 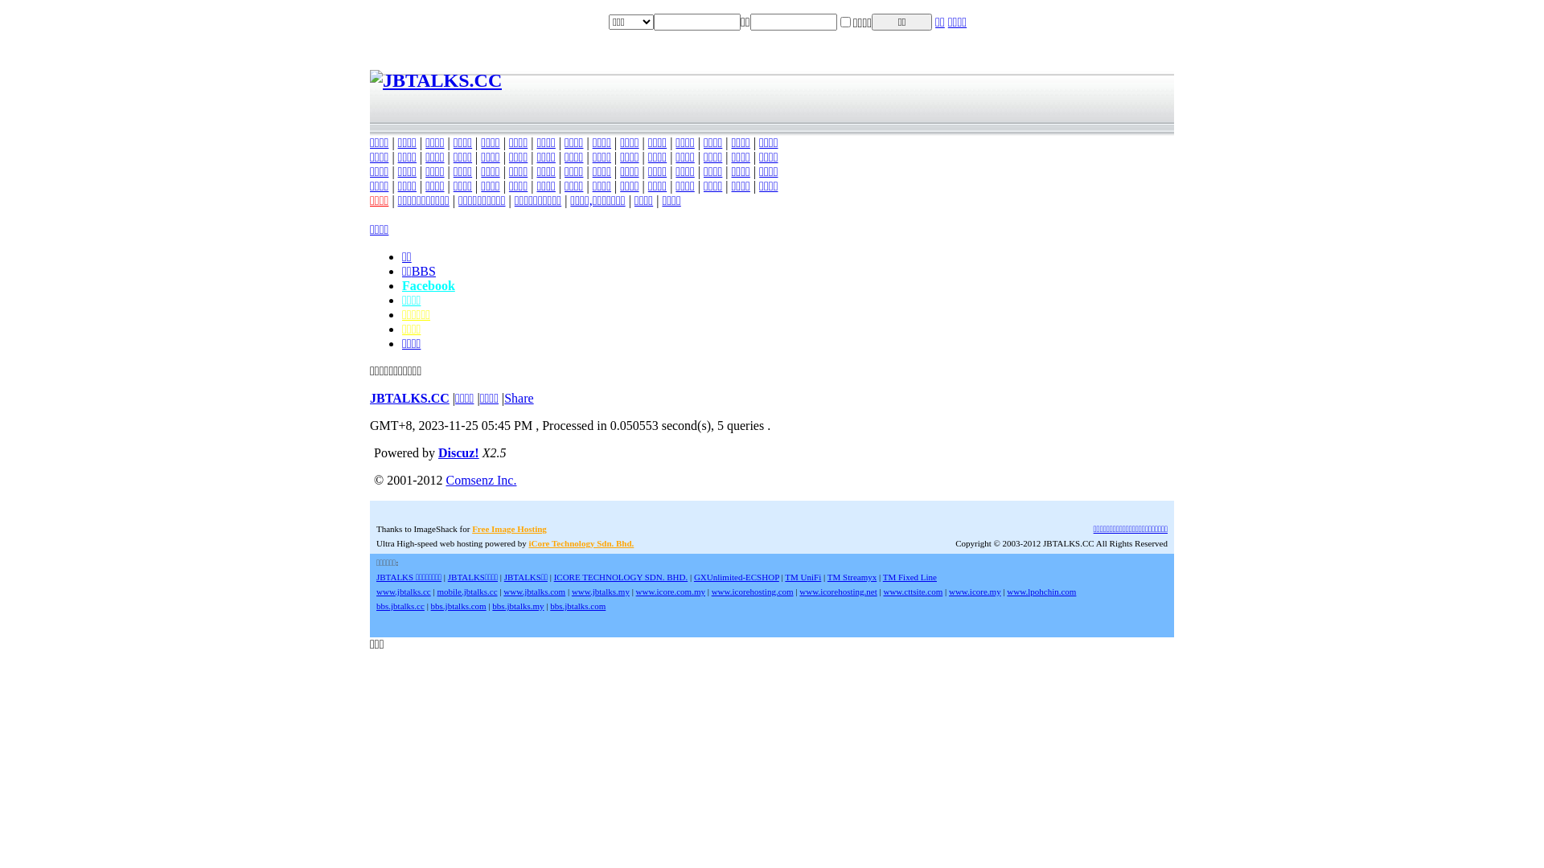 What do you see at coordinates (409, 398) in the screenshot?
I see `'JBTALKS.CC'` at bounding box center [409, 398].